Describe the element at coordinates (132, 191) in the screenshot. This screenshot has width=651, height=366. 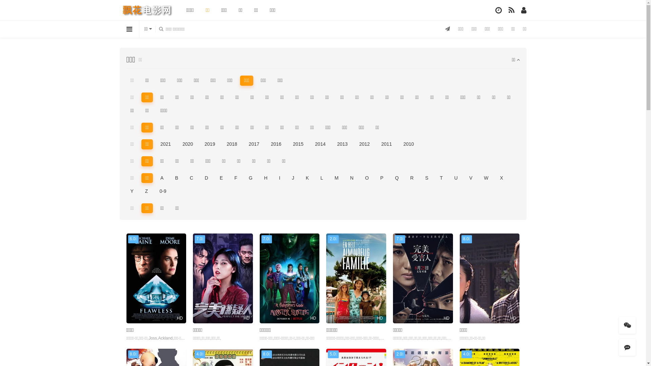
I see `'Y'` at that location.